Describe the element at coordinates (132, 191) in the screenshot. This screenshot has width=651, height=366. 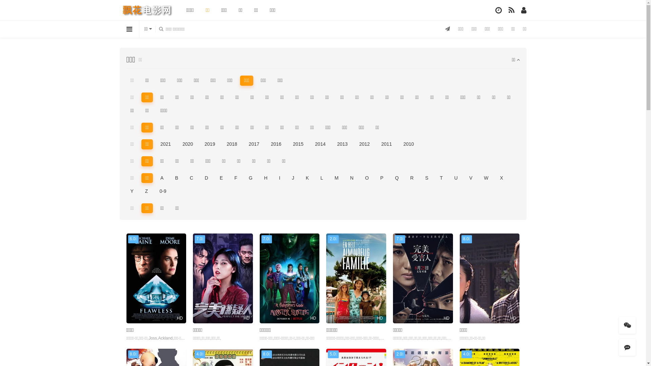
I see `'Y'` at that location.